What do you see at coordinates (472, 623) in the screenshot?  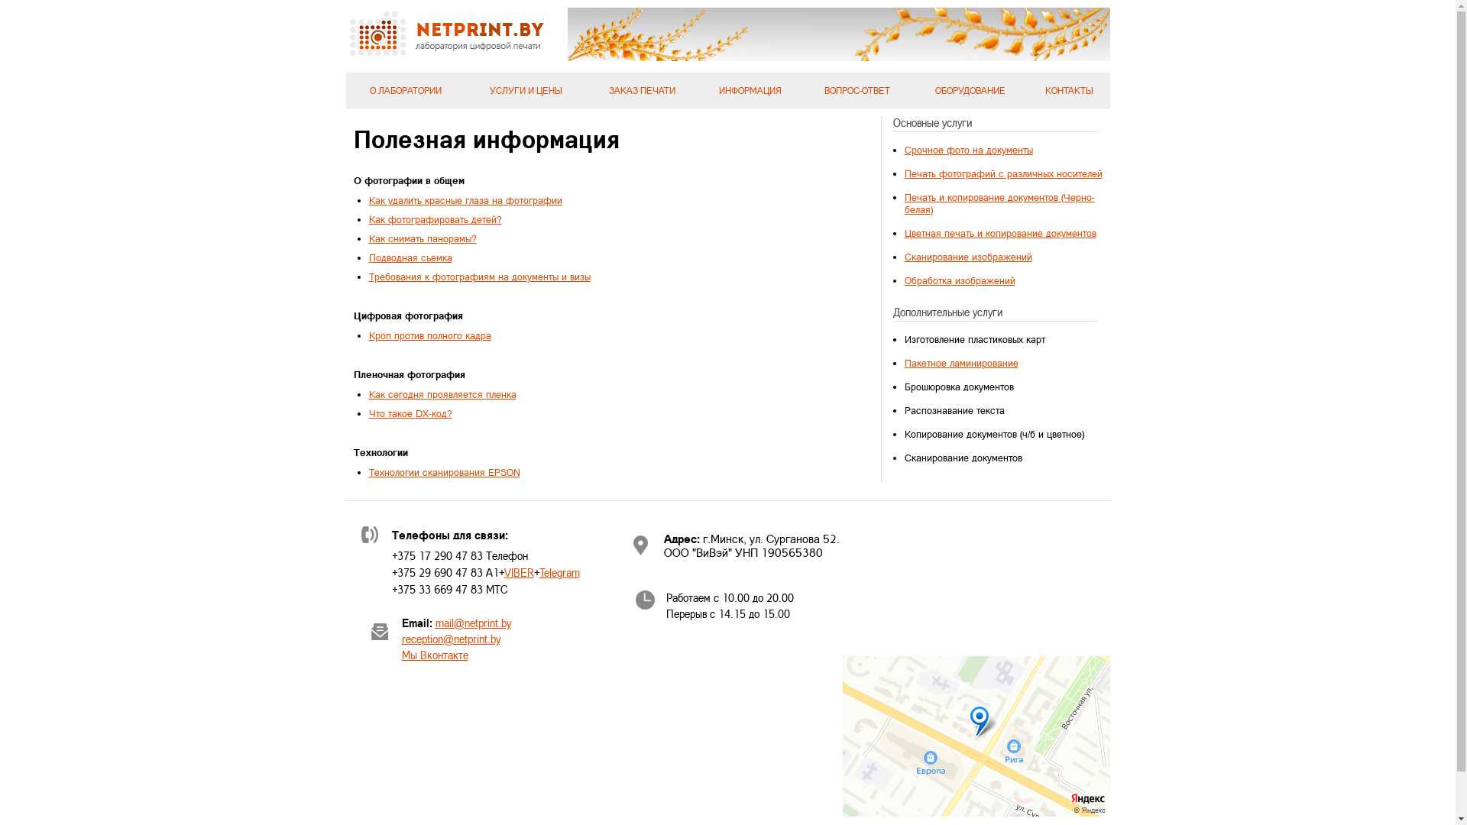 I see `'mail@netprint.by'` at bounding box center [472, 623].